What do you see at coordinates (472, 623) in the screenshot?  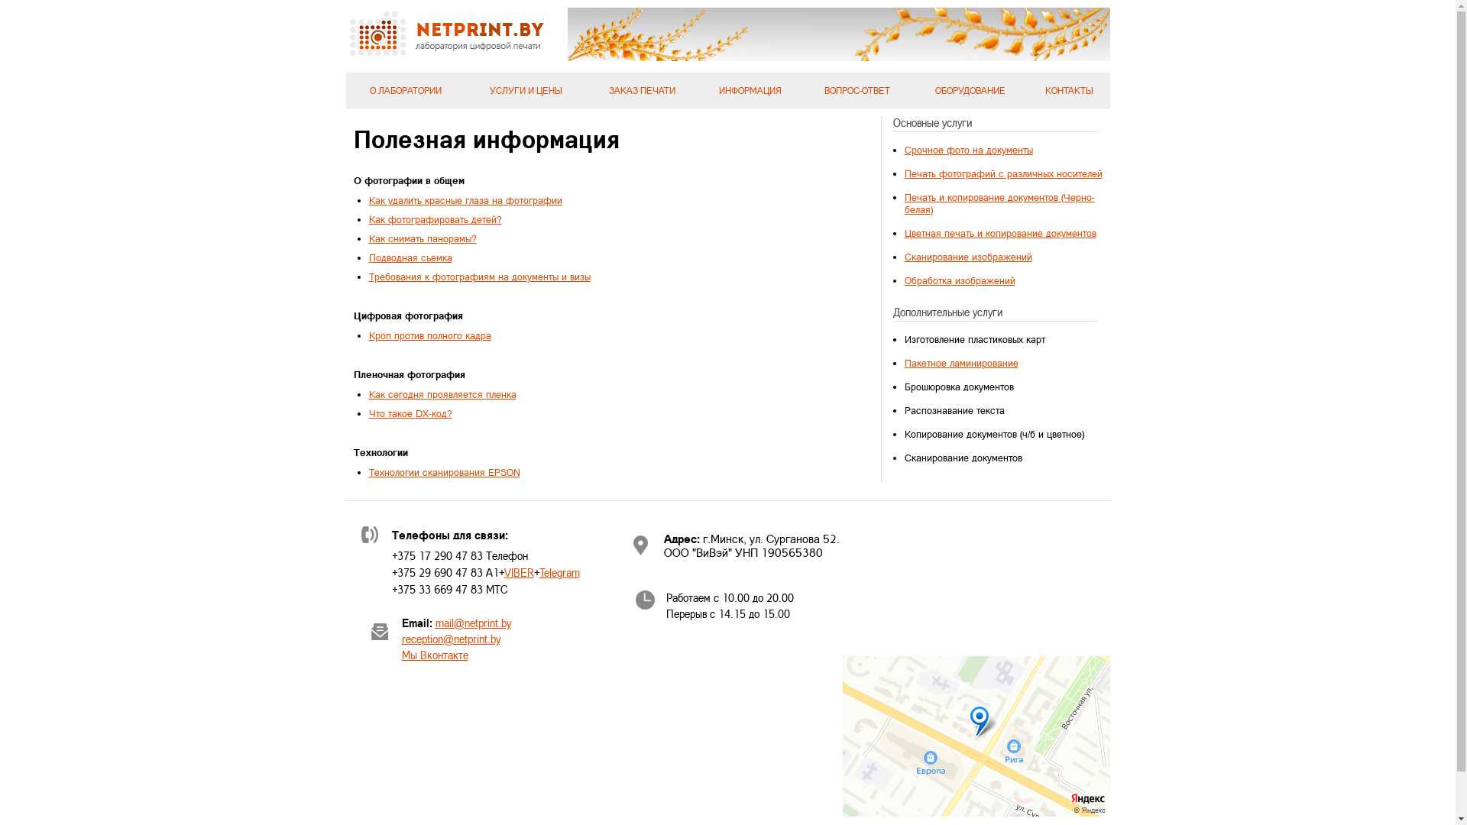 I see `'mail@netprint.by'` at bounding box center [472, 623].